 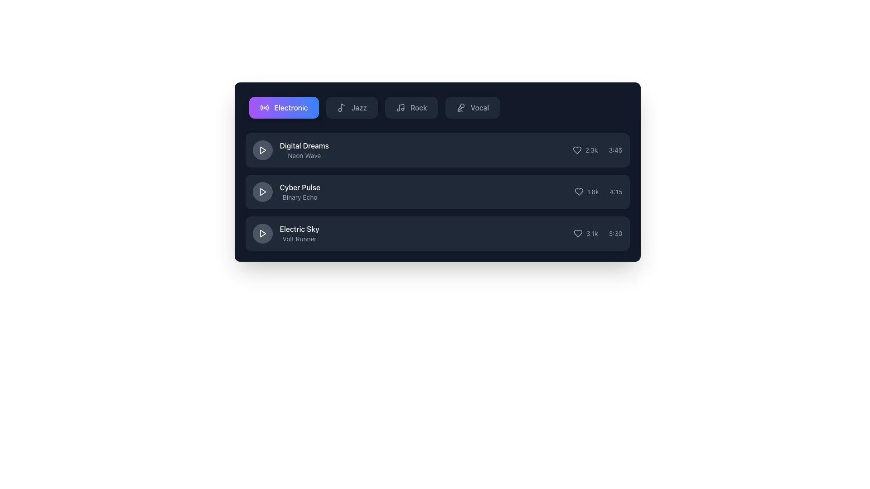 I want to click on to select the media item in the playlist, which contains details like track title, artist, likes, and duration, located in the first row under the genre buttons, so click(x=437, y=149).